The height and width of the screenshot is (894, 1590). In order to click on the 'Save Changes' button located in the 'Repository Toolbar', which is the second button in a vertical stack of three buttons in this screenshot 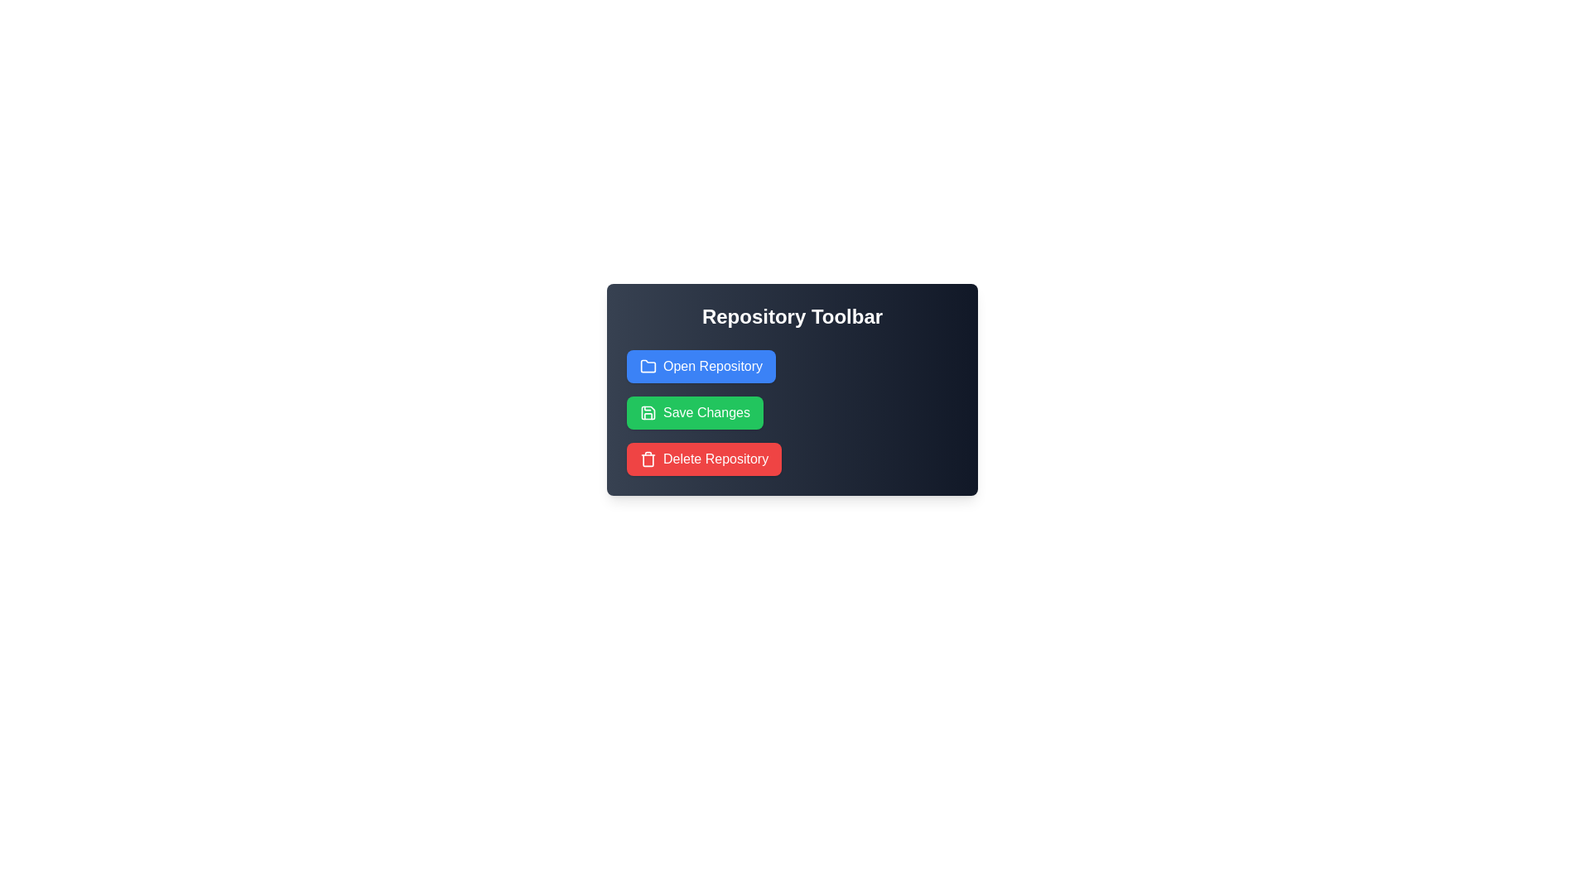, I will do `click(695, 411)`.